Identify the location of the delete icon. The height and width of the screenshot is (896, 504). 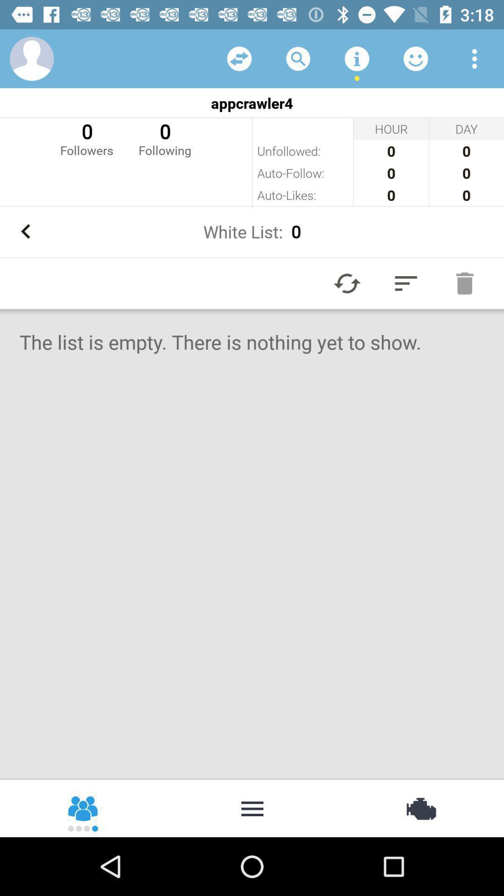
(464, 283).